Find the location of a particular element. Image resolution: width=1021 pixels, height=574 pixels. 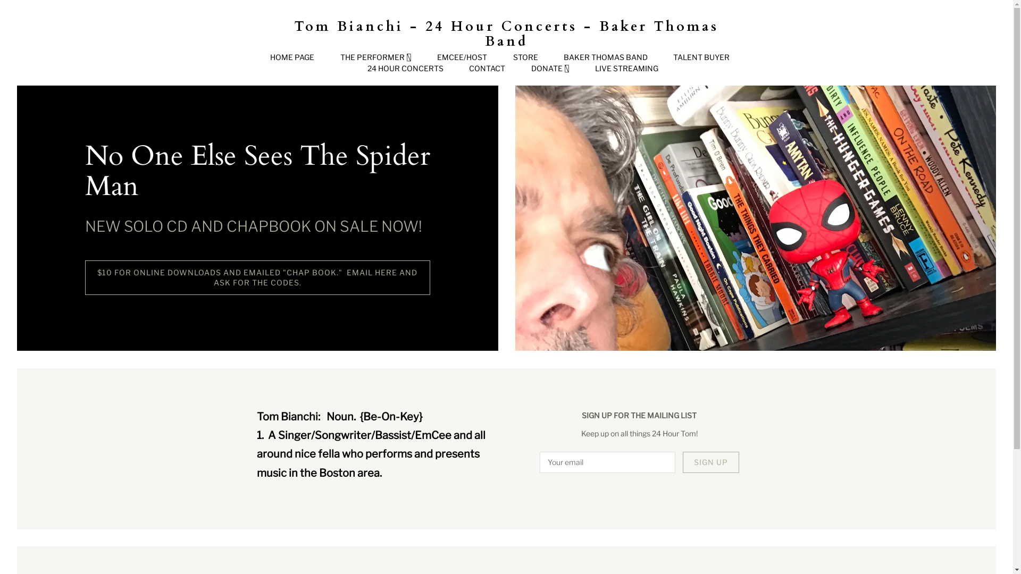

'24 HOUR CONCERTS' is located at coordinates (405, 68).